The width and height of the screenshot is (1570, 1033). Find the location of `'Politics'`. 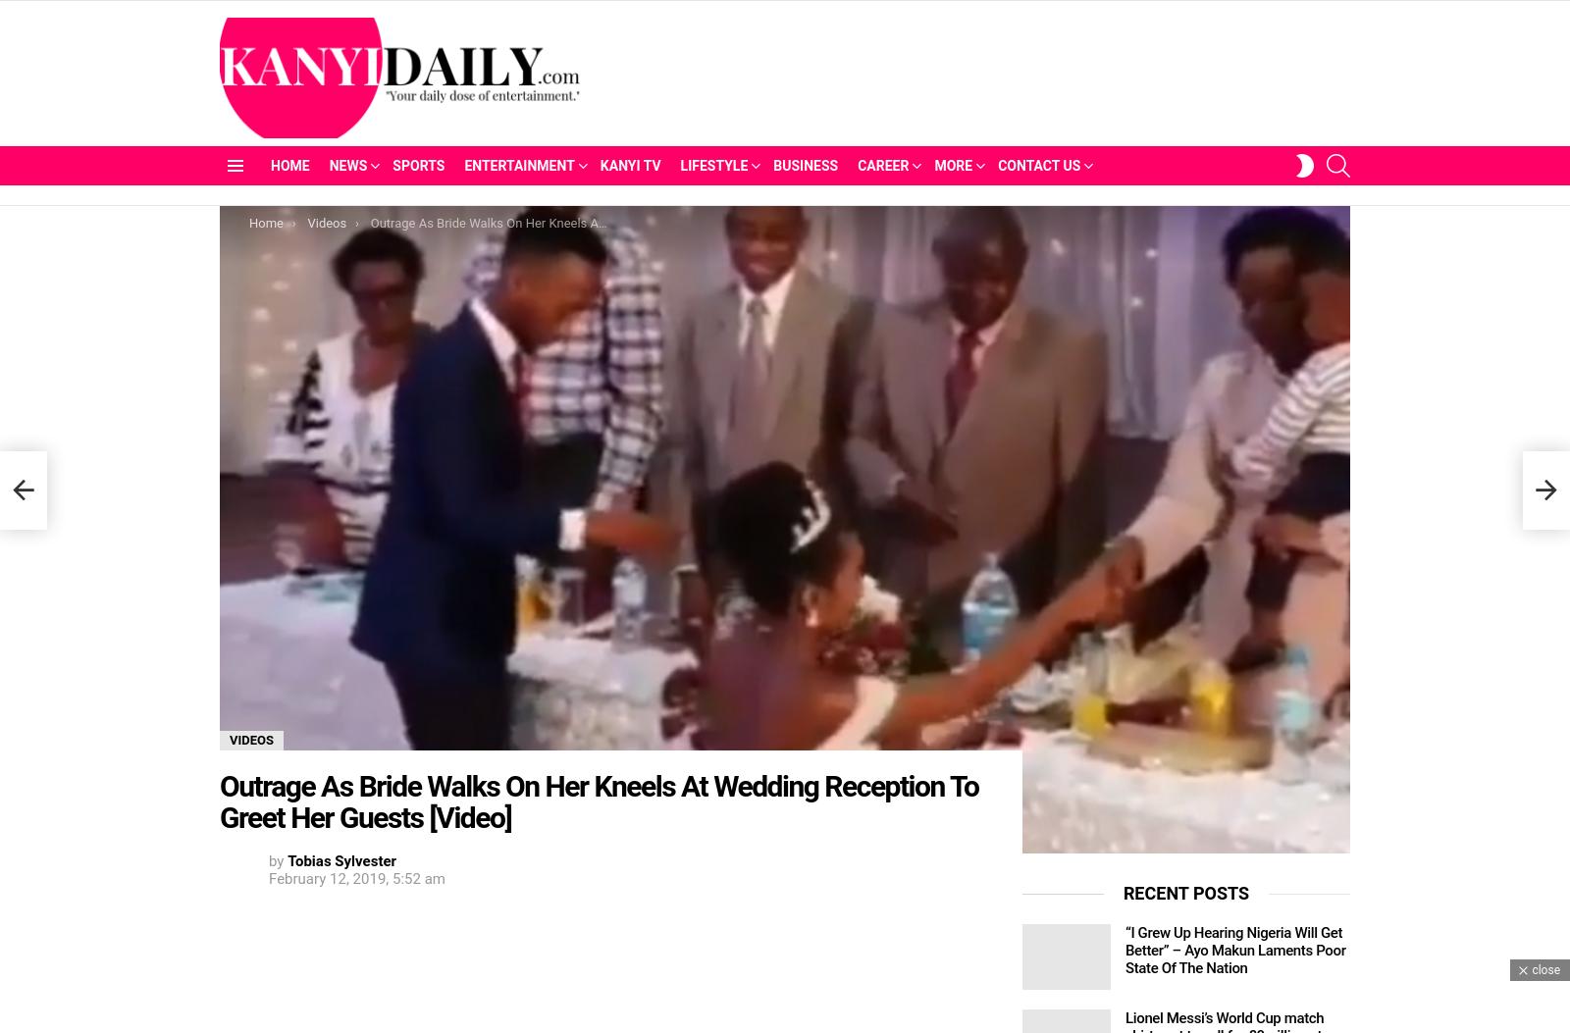

'Politics' is located at coordinates (365, 239).